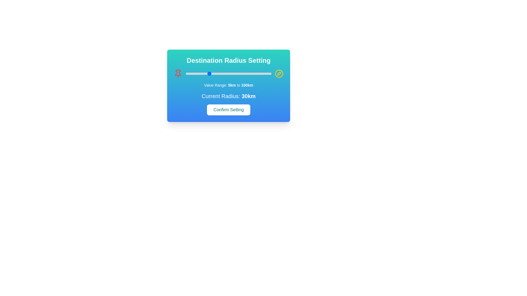  I want to click on the radius slider to set the radius to 21 km, so click(200, 73).